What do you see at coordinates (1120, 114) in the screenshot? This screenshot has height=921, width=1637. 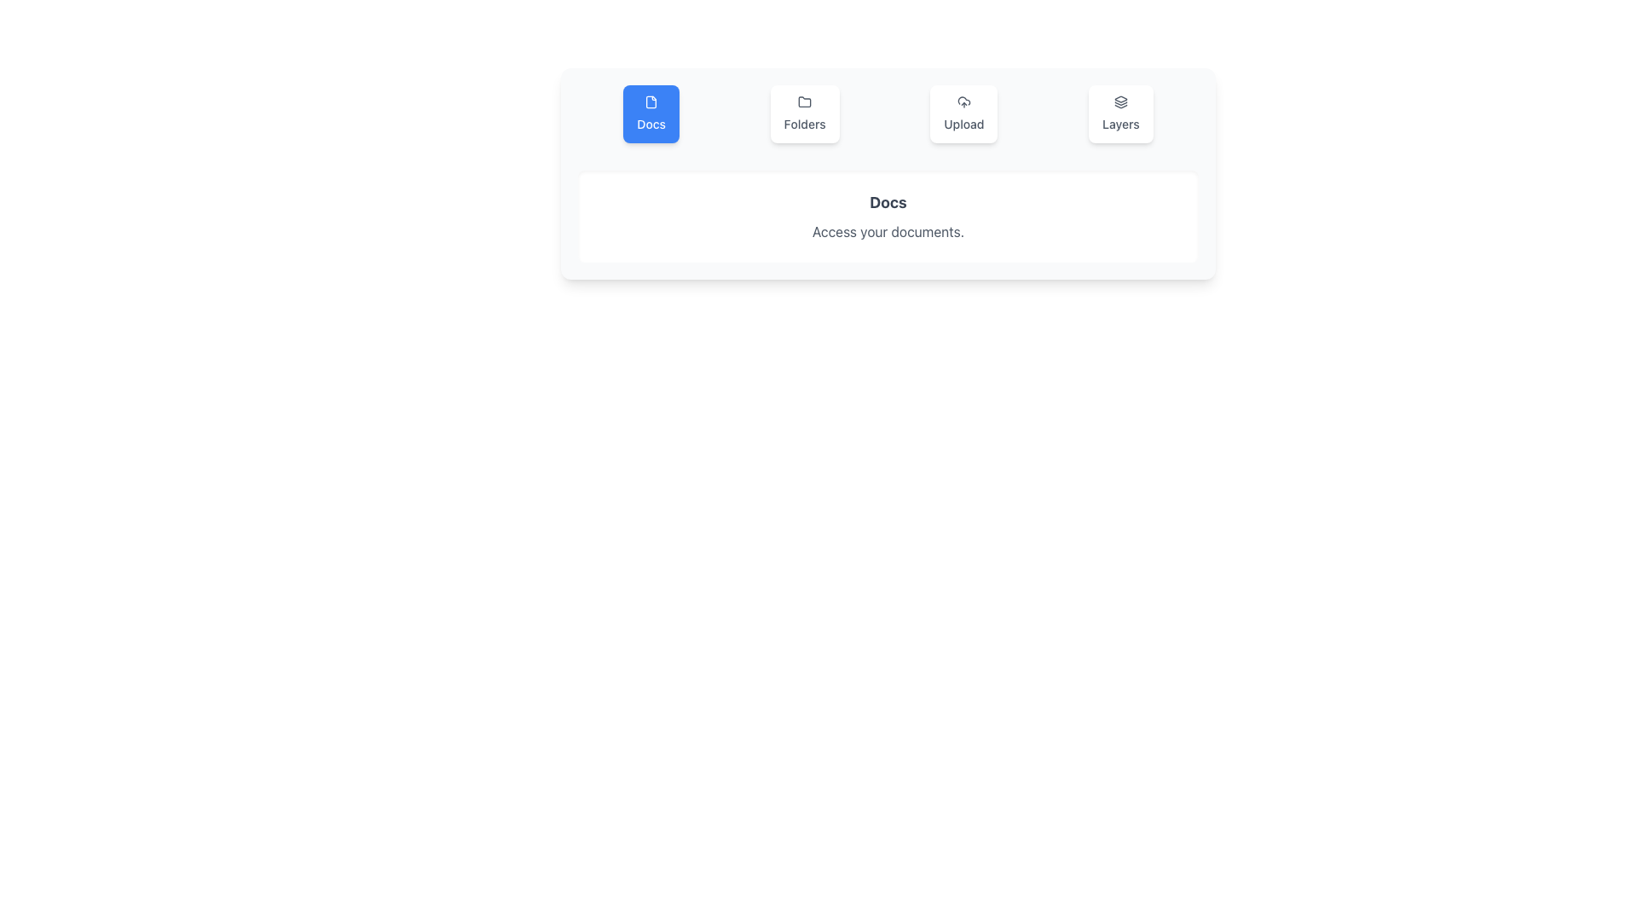 I see `the 'Layers' button located in the top-right part of a horizontally aligned button group` at bounding box center [1120, 114].